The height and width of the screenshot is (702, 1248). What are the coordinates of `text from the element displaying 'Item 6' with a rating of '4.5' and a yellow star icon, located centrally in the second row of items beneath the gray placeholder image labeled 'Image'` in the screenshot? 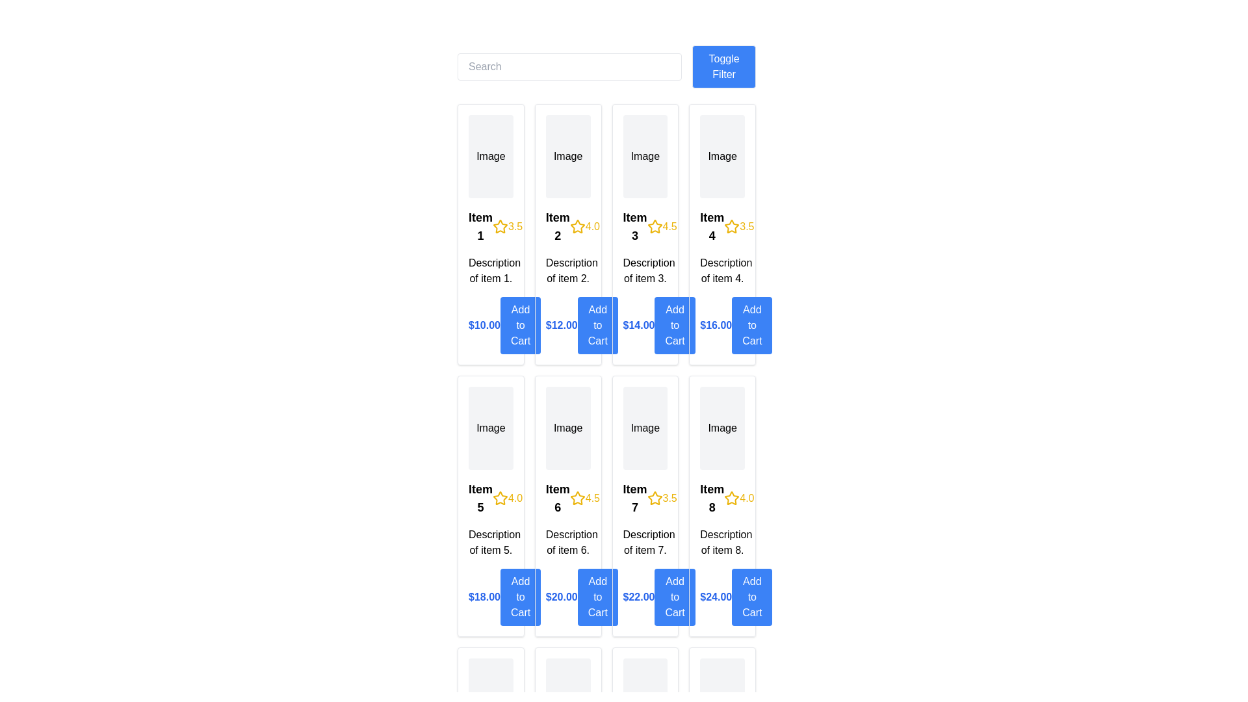 It's located at (568, 498).